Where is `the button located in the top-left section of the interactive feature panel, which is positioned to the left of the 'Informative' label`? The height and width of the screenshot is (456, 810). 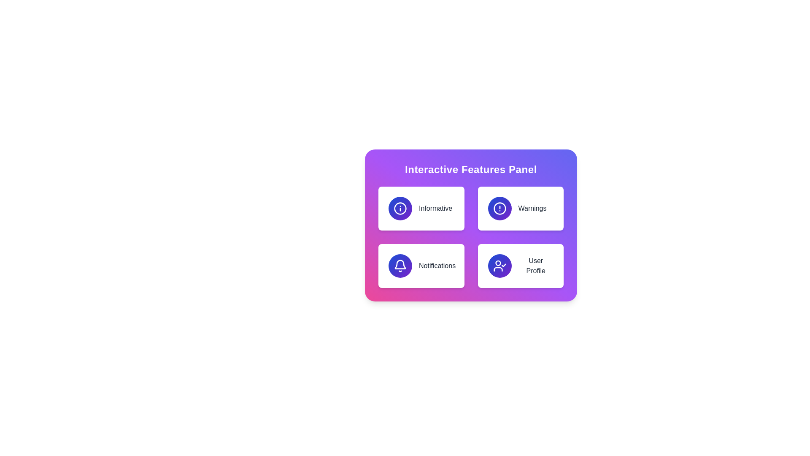 the button located in the top-left section of the interactive feature panel, which is positioned to the left of the 'Informative' label is located at coordinates (400, 208).